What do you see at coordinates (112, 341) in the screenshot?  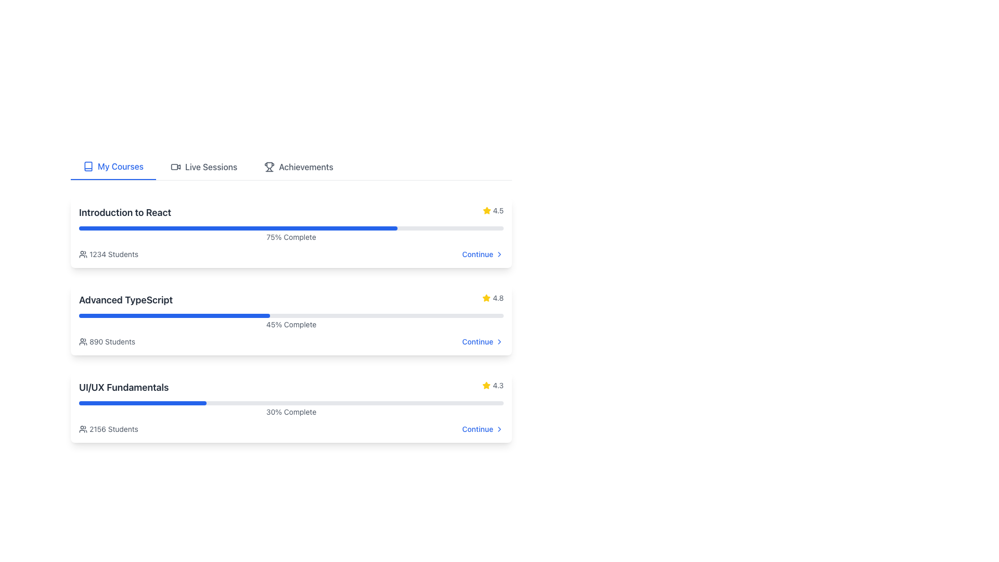 I see `the Text Label that displays the number of students enrolled in the 'Advanced TypeScript' course, located near the left corner beneath the progress bar` at bounding box center [112, 341].